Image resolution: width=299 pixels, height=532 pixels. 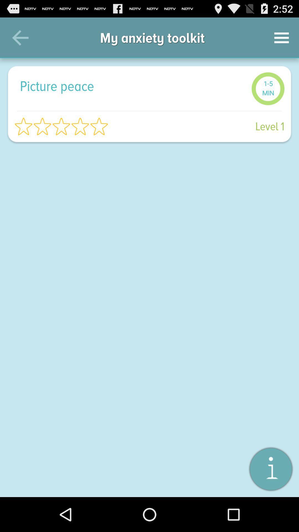 What do you see at coordinates (20, 37) in the screenshot?
I see `icon next to my anxiety toolkit` at bounding box center [20, 37].